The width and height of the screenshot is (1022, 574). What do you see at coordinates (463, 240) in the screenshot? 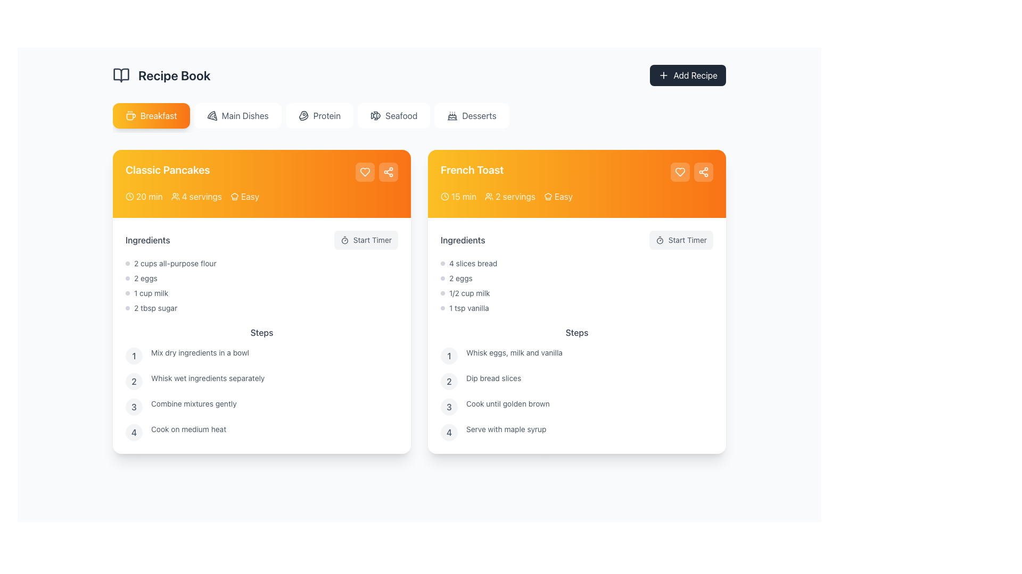
I see `the text label displaying 'Ingredients' in gray color, located at the top-left of the recipe card for 'French Toast'` at bounding box center [463, 240].